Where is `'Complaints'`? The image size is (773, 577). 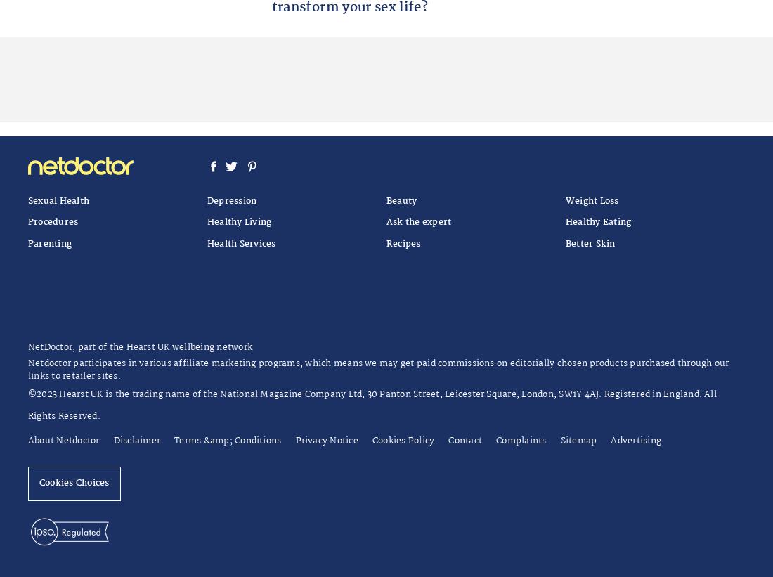 'Complaints' is located at coordinates (520, 441).